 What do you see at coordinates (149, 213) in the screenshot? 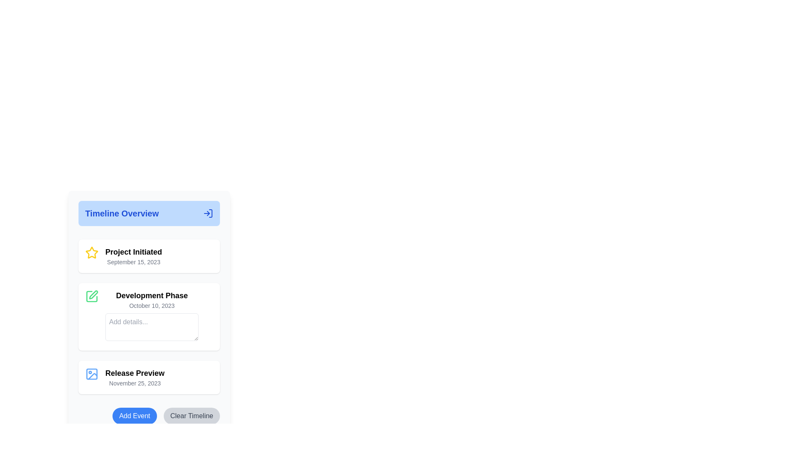
I see `header with embellishment that provides an overview title for the timeline events listed below, positioned at the top of the timeline section` at bounding box center [149, 213].